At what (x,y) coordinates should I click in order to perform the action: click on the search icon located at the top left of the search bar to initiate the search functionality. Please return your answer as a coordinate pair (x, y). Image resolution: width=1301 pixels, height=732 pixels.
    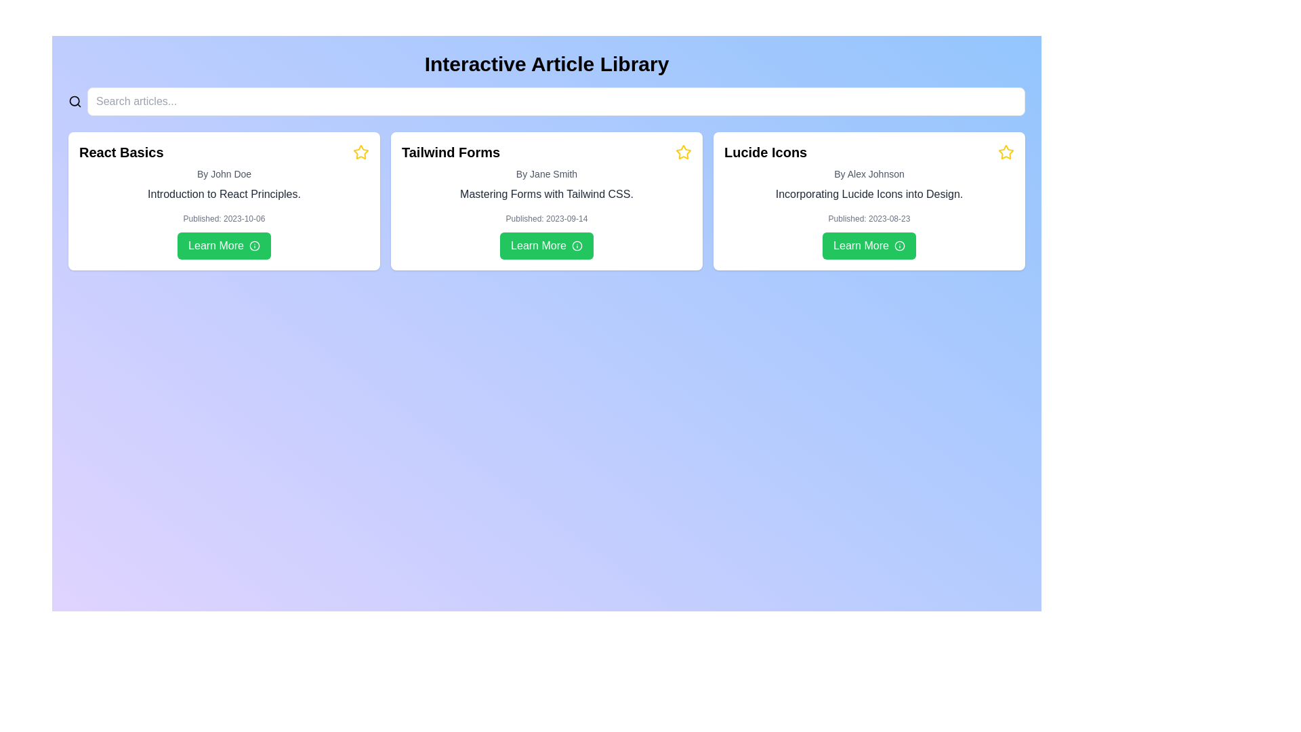
    Looking at the image, I should click on (74, 101).